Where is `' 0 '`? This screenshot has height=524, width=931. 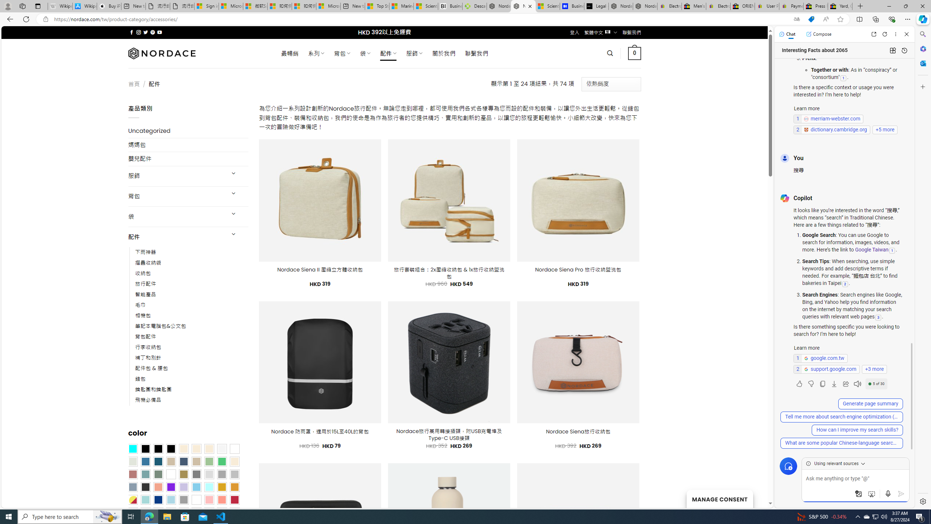
' 0 ' is located at coordinates (634, 53).